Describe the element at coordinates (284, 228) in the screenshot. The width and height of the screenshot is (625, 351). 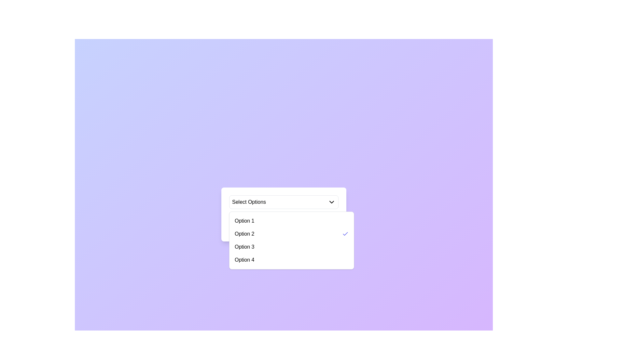
I see `the dropdown menu item labeled 'Option 2'` at that location.